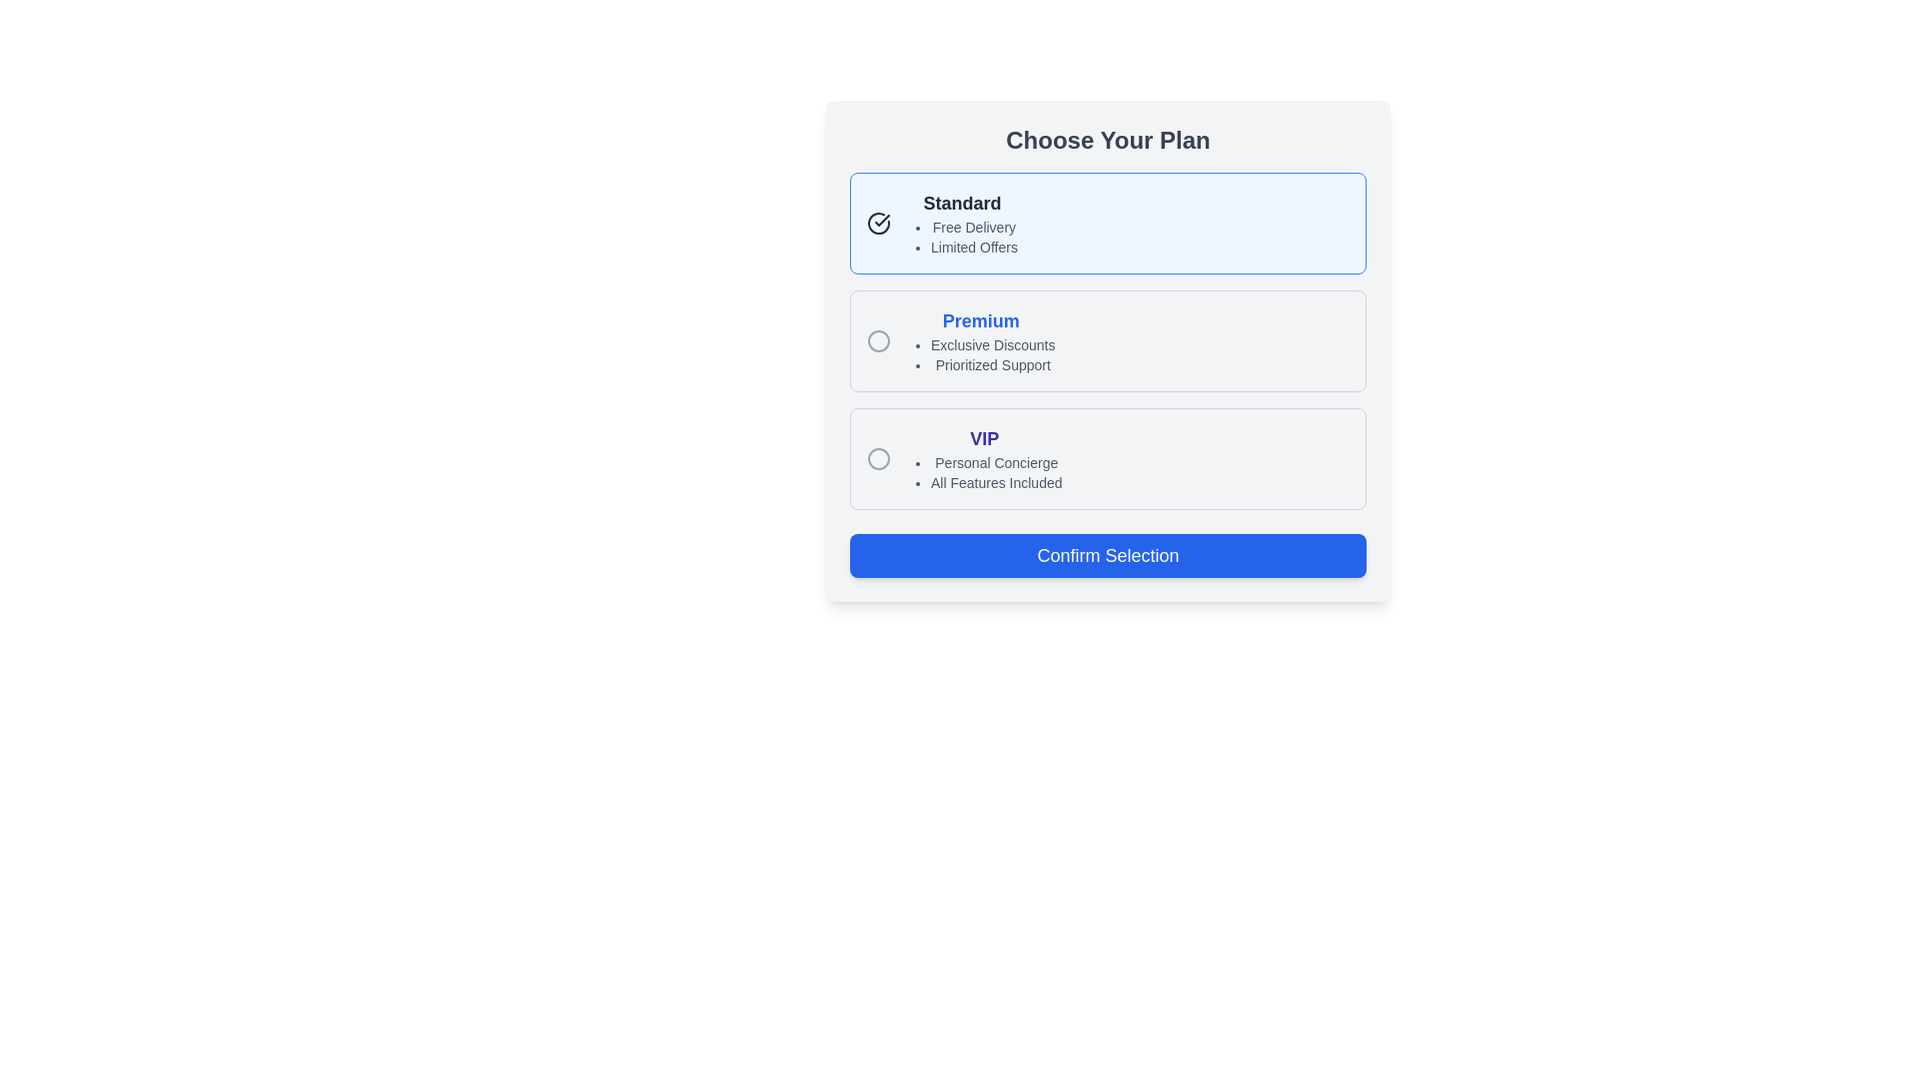  I want to click on the text element displaying 'Personal Concierge' in light gray, which is located below the 'VIP' plan label and above 'All Features Included', so click(996, 462).